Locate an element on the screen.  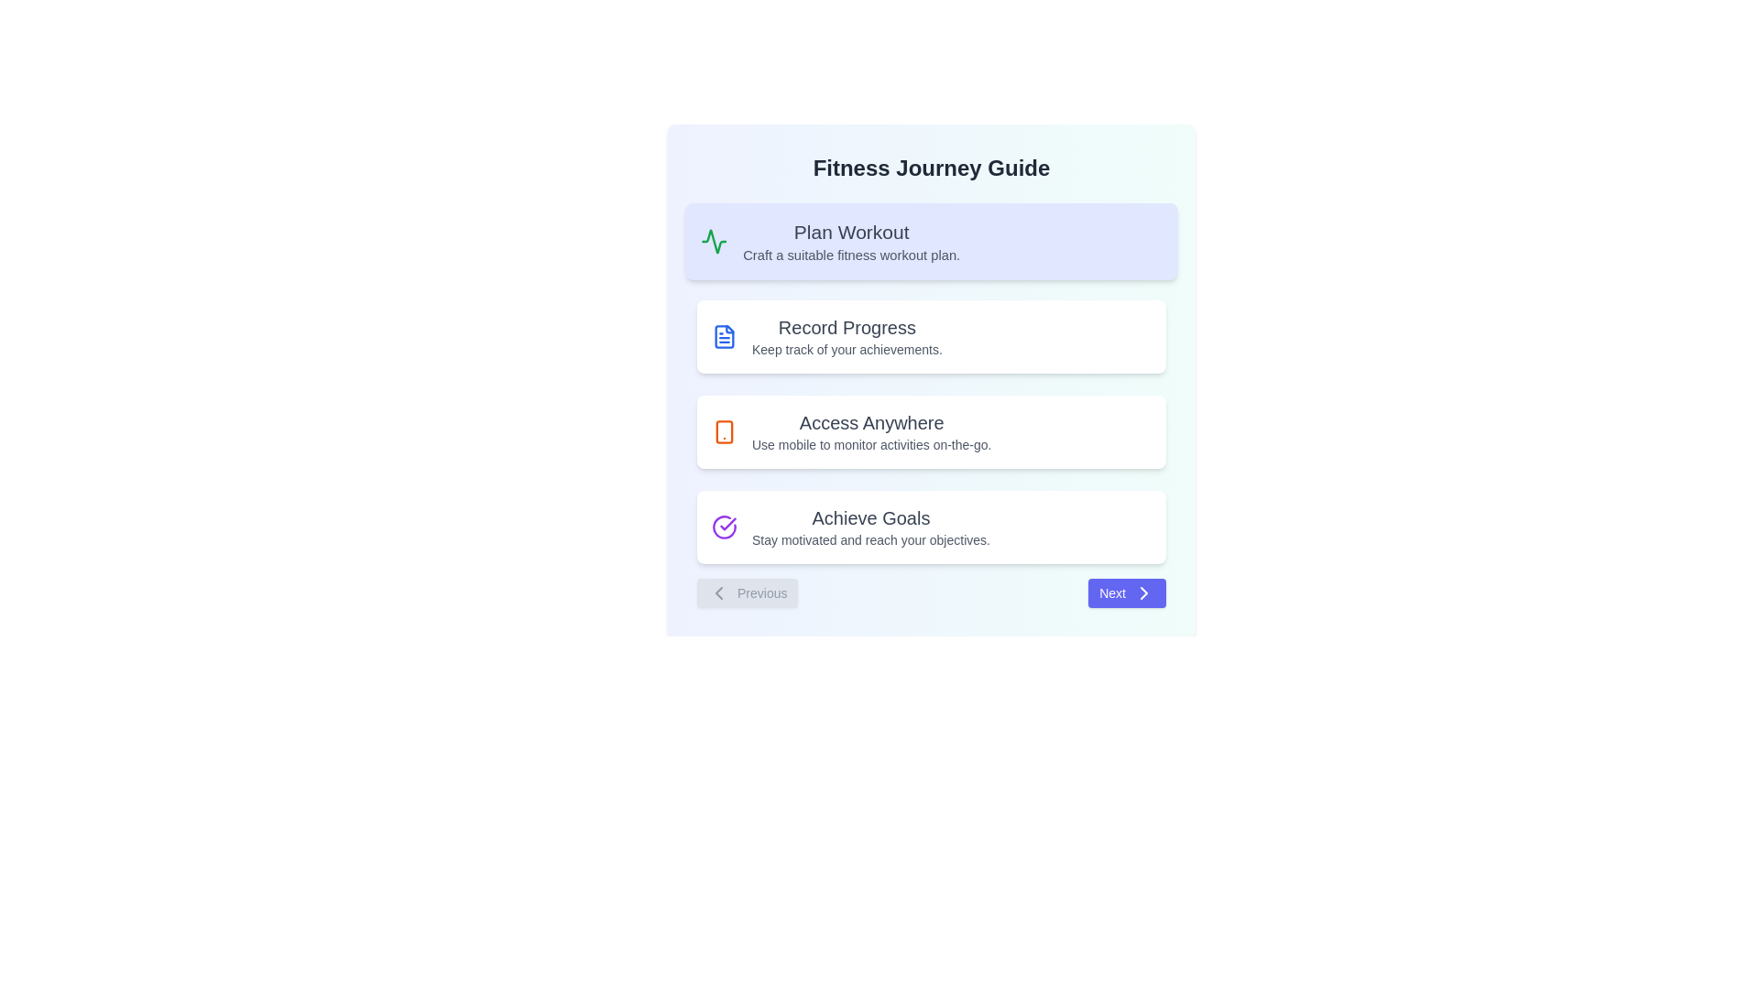
the 'Plan Workout' icon located in the top-left corner of the 'Plan Workout' card to initiate the workout planning action is located at coordinates (713, 240).